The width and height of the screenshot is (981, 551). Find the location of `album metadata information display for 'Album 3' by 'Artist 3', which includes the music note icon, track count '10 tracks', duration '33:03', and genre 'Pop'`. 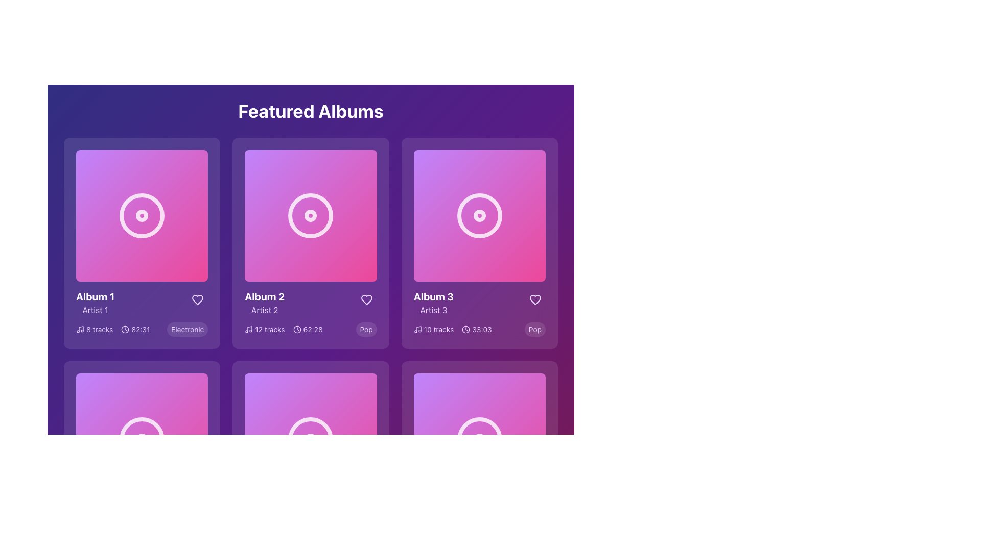

album metadata information display for 'Album 3' by 'Artist 3', which includes the music note icon, track count '10 tracks', duration '33:03', and genre 'Pop' is located at coordinates (479, 330).